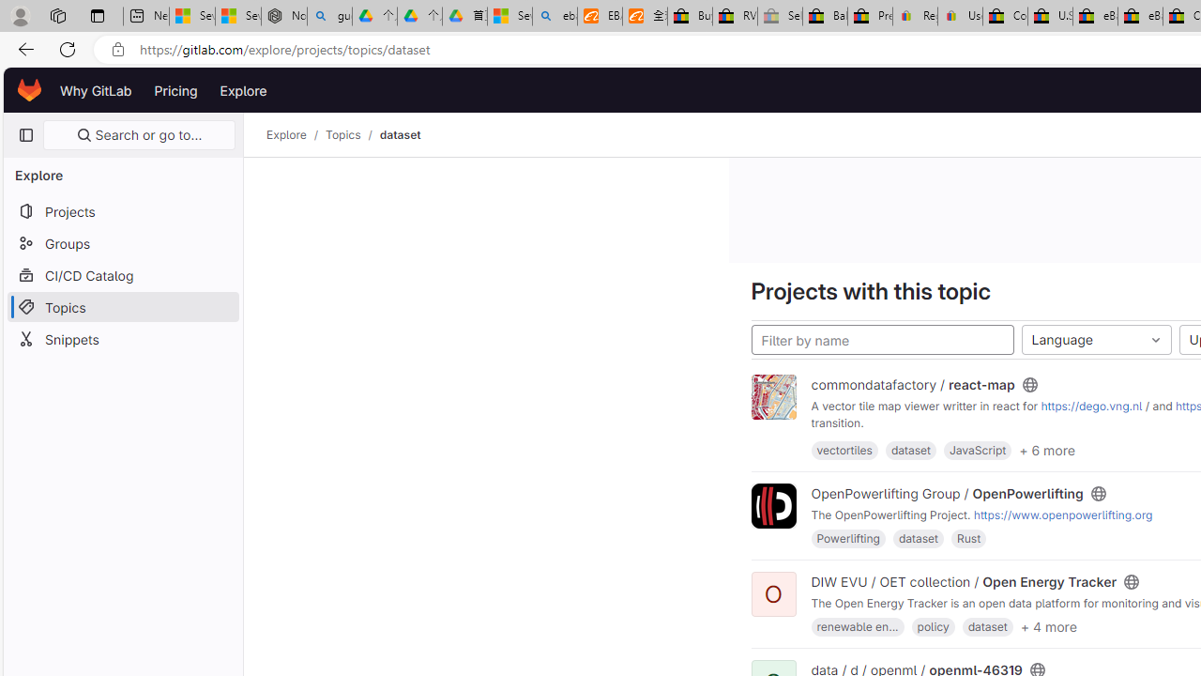 The width and height of the screenshot is (1201, 676). Describe the element at coordinates (689, 16) in the screenshot. I see `'Buy Auto Parts & Accessories | eBay'` at that location.